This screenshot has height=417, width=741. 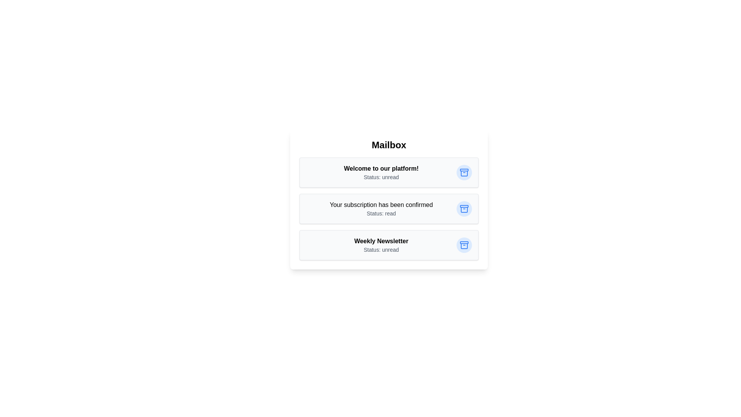 I want to click on the status text of the email with subject 'Your subscription has been confirmed', so click(x=381, y=213).